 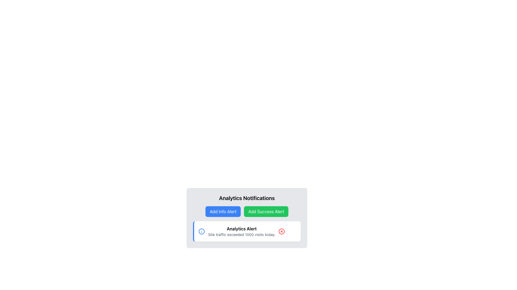 What do you see at coordinates (281, 231) in the screenshot?
I see `the Close button icon located in the top-right corner of the 'Analytics Alert' notification card` at bounding box center [281, 231].